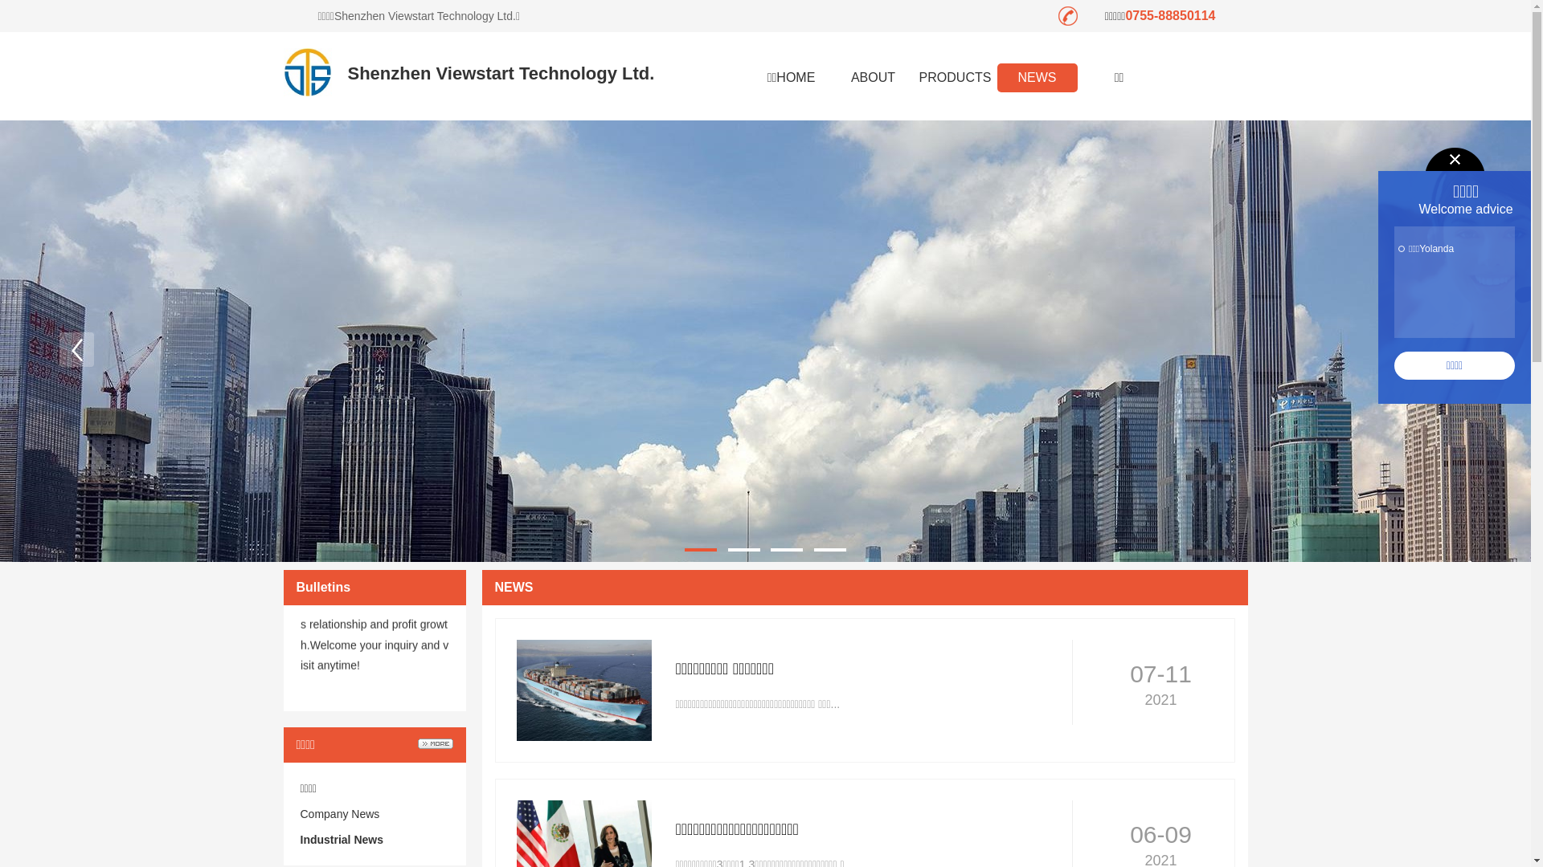  Describe the element at coordinates (1037, 77) in the screenshot. I see `'NEWS'` at that location.